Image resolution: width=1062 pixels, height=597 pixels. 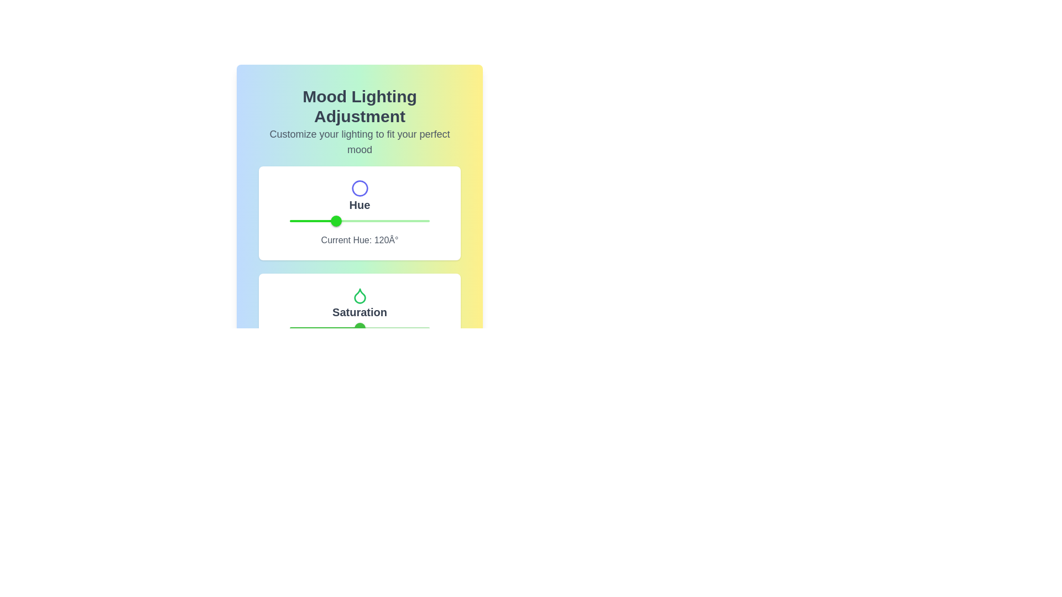 What do you see at coordinates (339, 221) in the screenshot?
I see `hue` at bounding box center [339, 221].